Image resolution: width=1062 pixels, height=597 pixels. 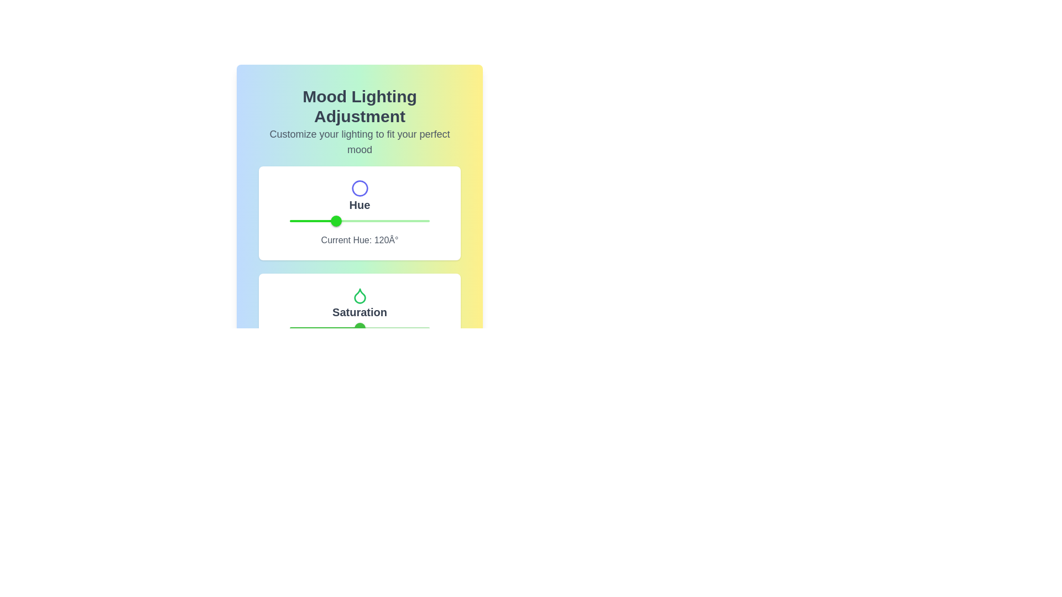 What do you see at coordinates (339, 221) in the screenshot?
I see `hue` at bounding box center [339, 221].